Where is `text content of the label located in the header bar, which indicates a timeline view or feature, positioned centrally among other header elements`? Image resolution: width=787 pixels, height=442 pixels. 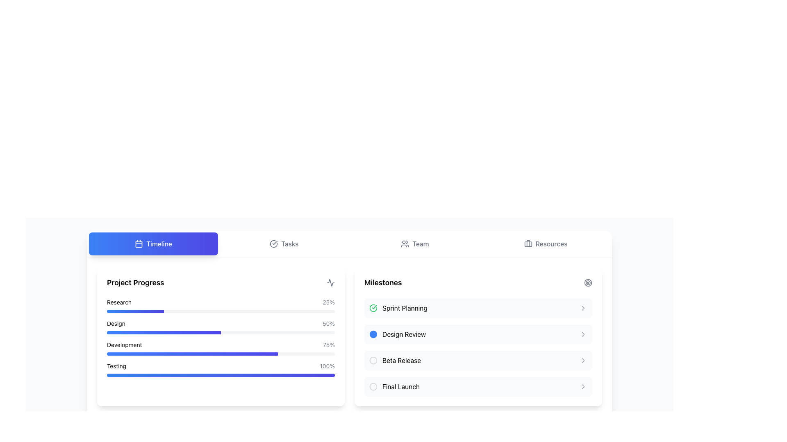
text content of the label located in the header bar, which indicates a timeline view or feature, positioned centrally among other header elements is located at coordinates (159, 244).